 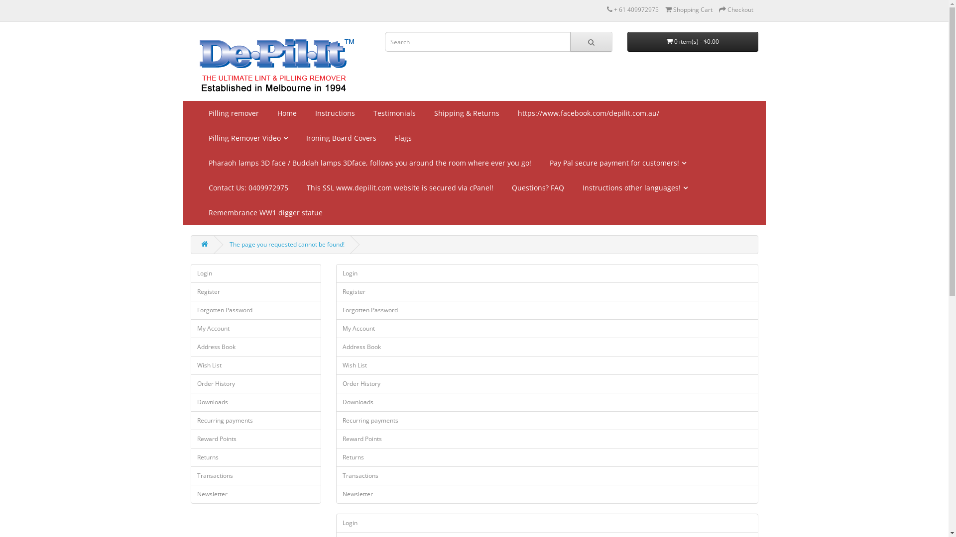 What do you see at coordinates (398, 188) in the screenshot?
I see `'This SSL www.depilit.com website is secured via cPanel!'` at bounding box center [398, 188].